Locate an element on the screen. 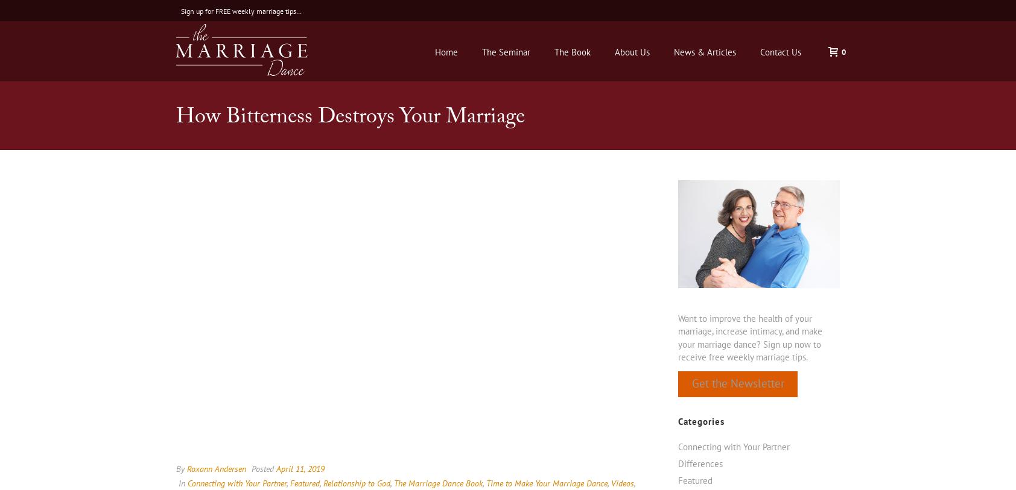 Image resolution: width=1016 pixels, height=490 pixels. 'April 11, 2019' is located at coordinates (276, 468).